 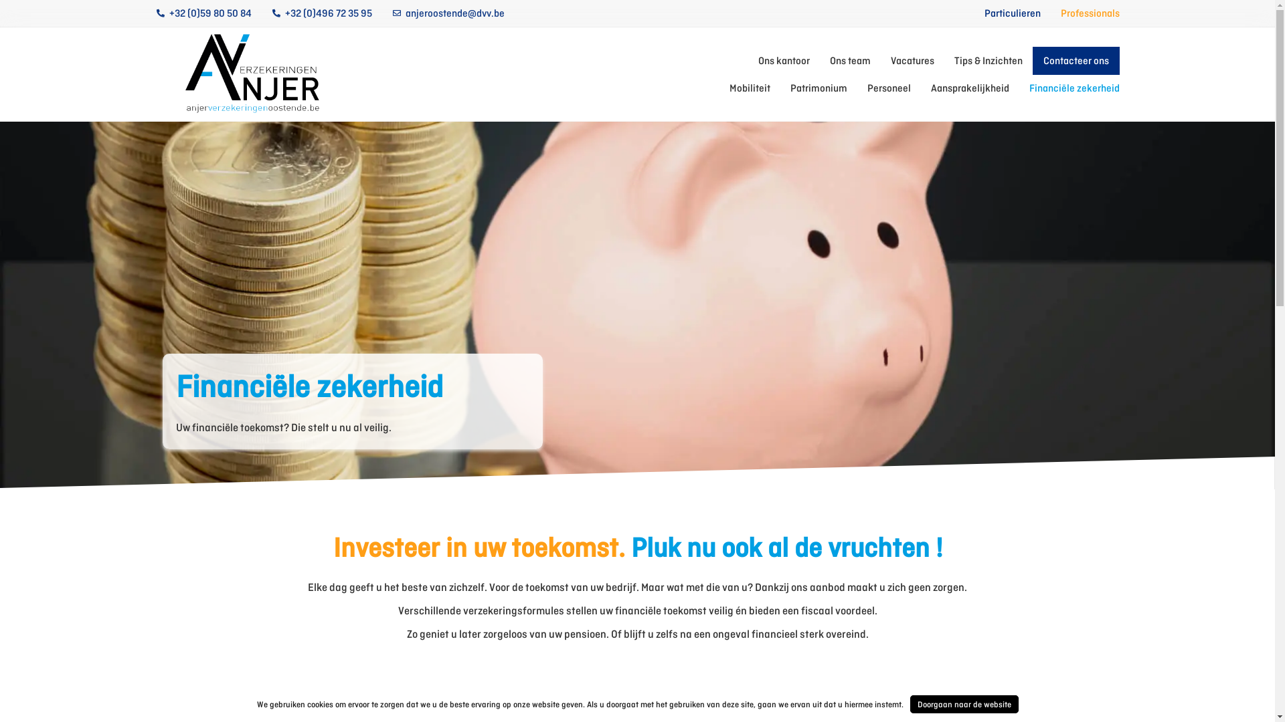 I want to click on '+32 (0)59 80 50 84', so click(x=202, y=13).